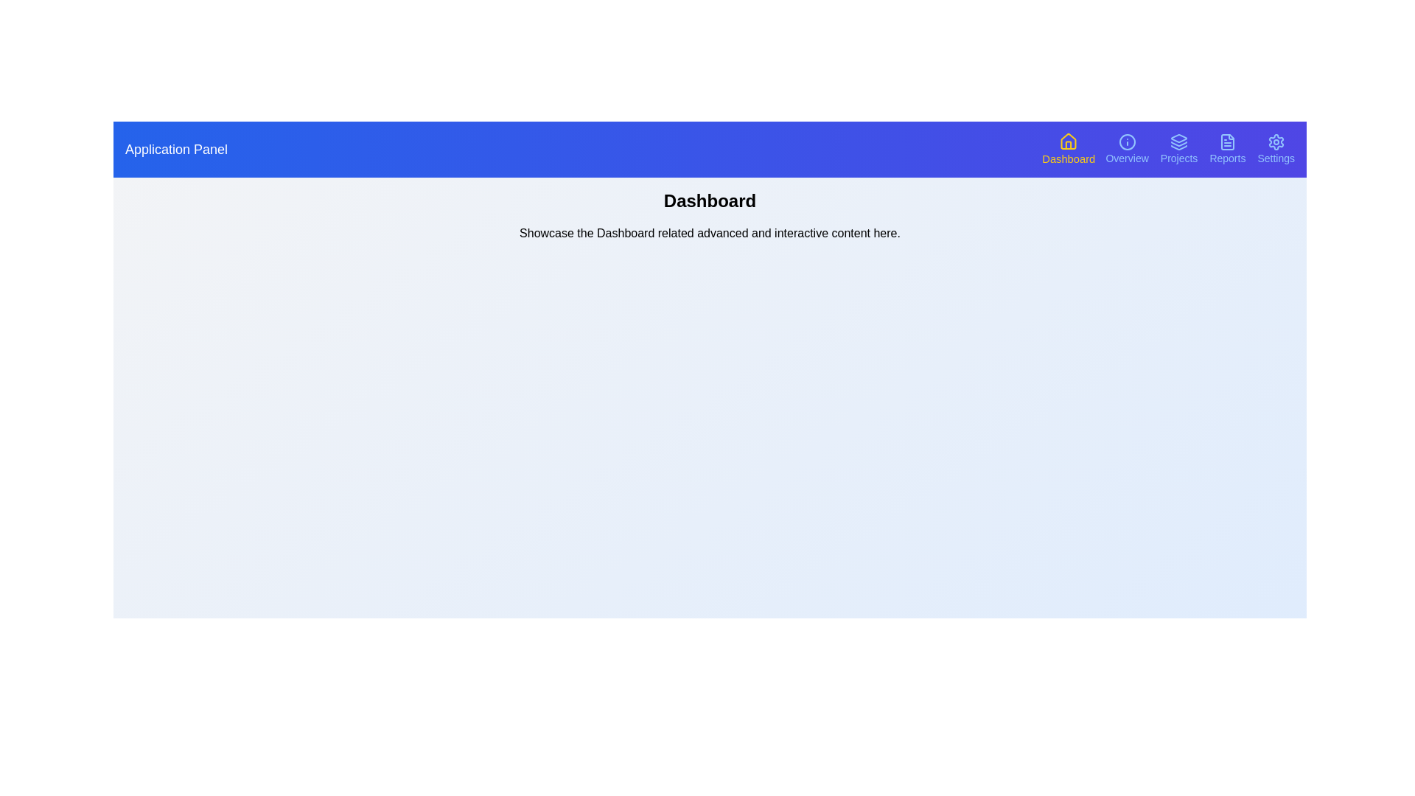 The height and width of the screenshot is (796, 1415). I want to click on the Reports section by clicking its corresponding navigation button, so click(1227, 150).